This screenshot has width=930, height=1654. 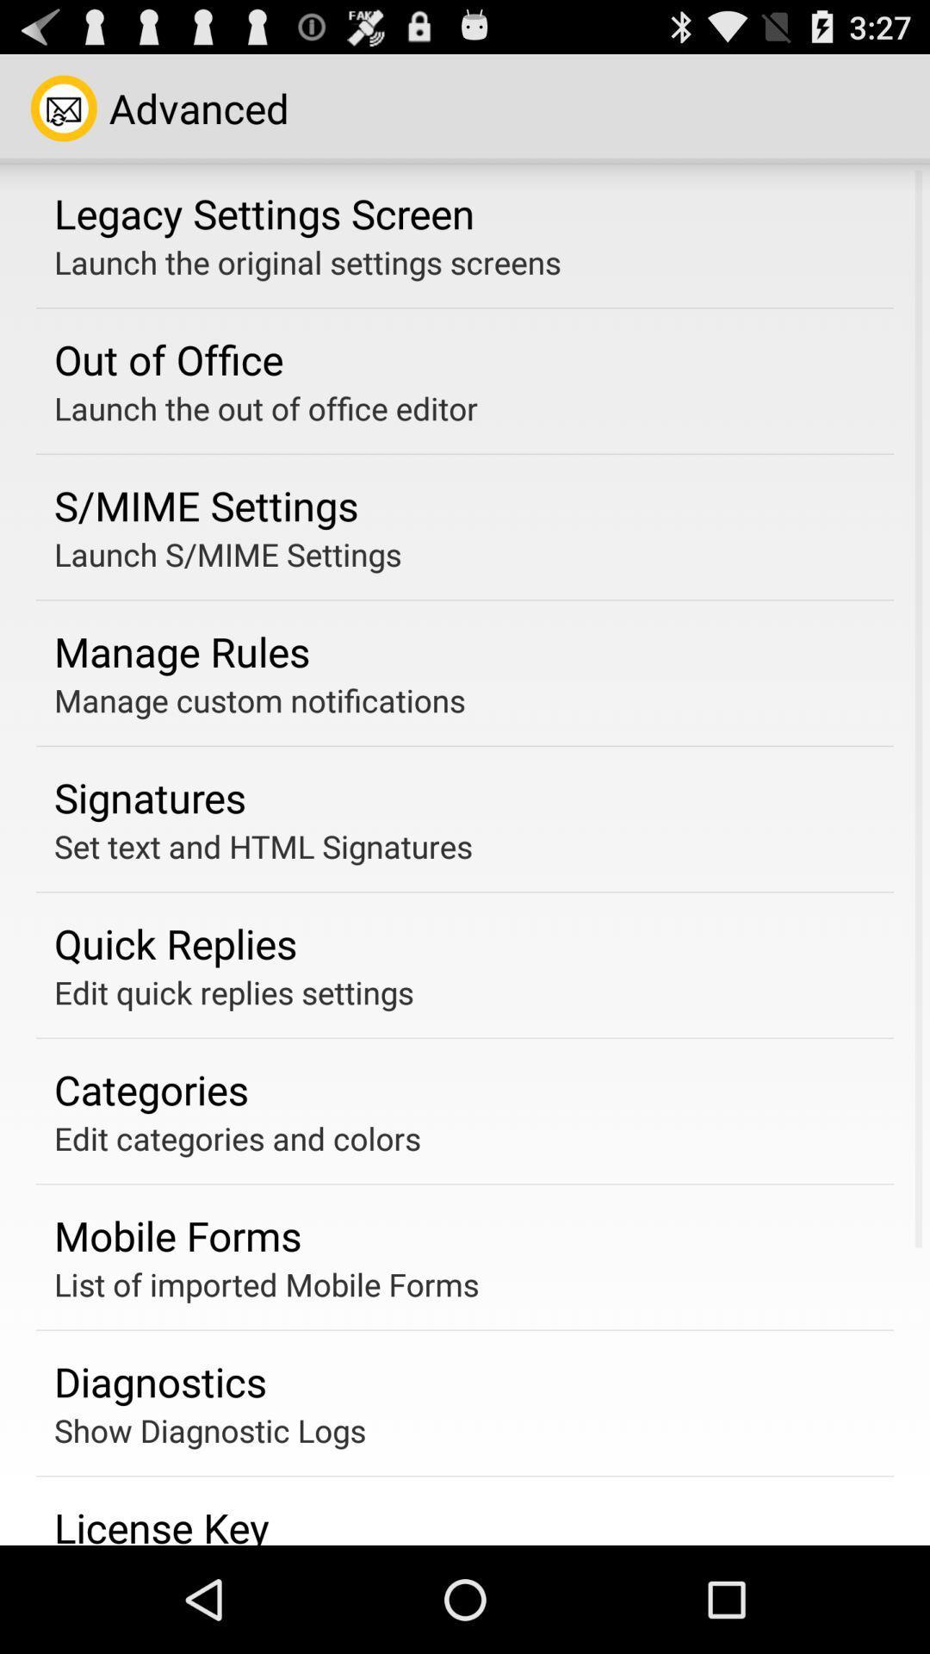 What do you see at coordinates (266, 1284) in the screenshot?
I see `the list of imported item` at bounding box center [266, 1284].